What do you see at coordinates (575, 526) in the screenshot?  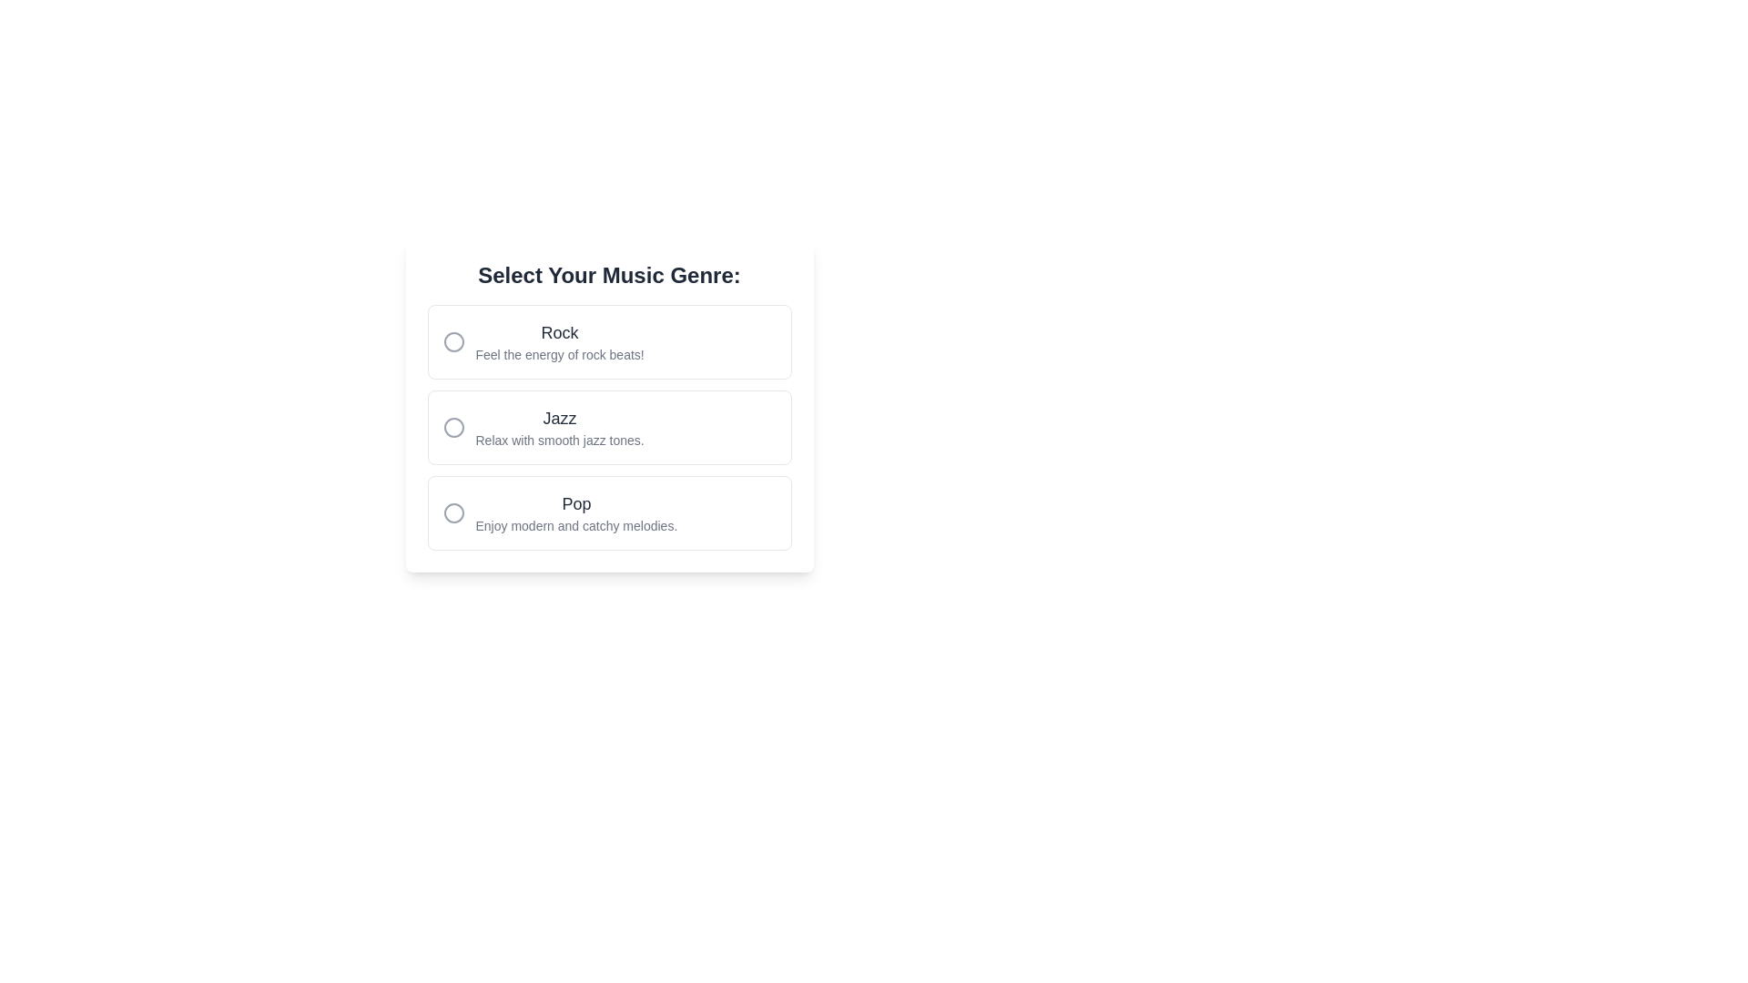 I see `the text snippet that says 'Enjoy modern and catchy melodies.' which is a secondary descriptive text under the 'Pop' genre option` at bounding box center [575, 526].